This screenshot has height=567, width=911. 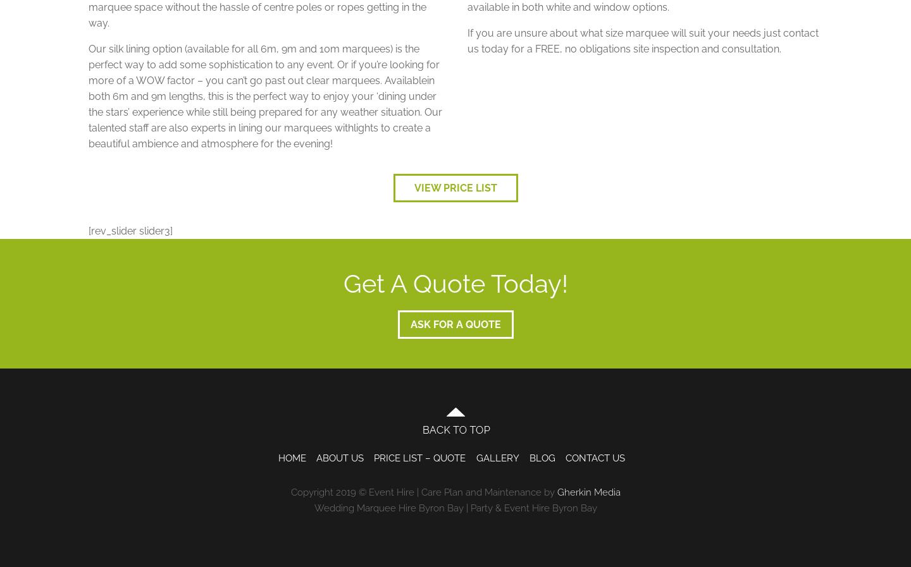 I want to click on 'PRICE LIST – QUOTE', so click(x=419, y=458).